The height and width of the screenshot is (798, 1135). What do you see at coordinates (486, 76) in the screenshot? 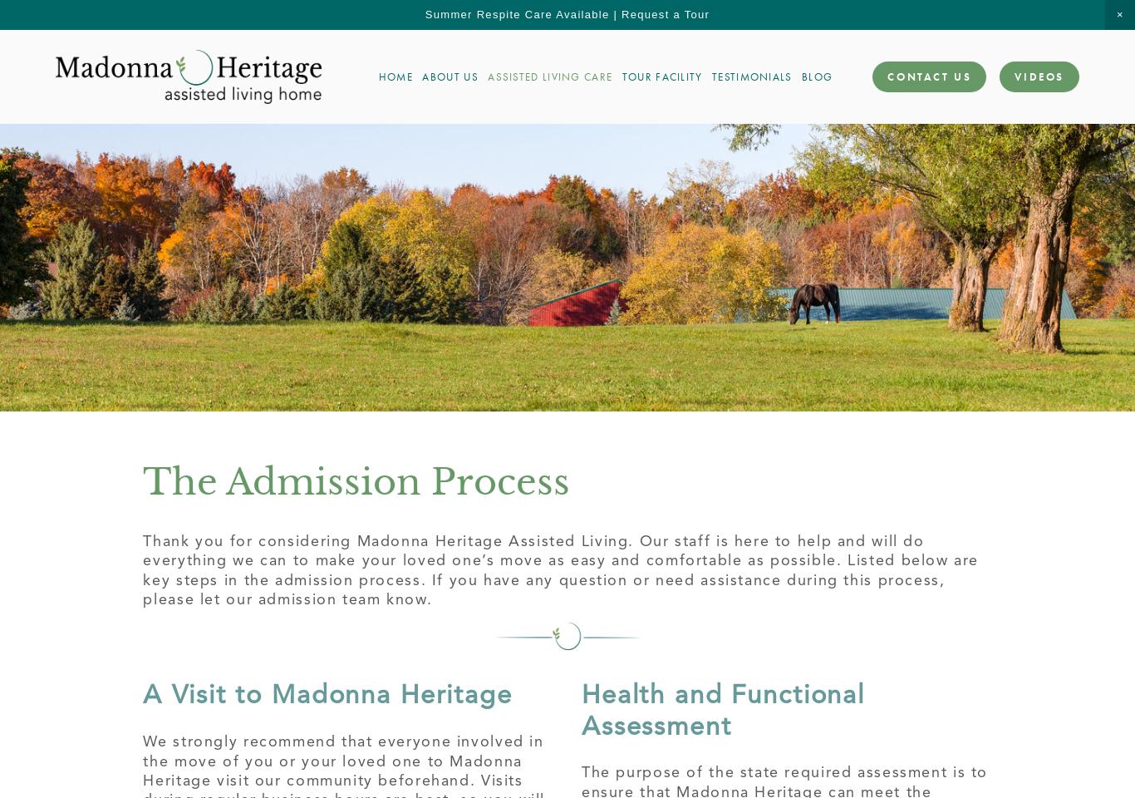
I see `'Assisted Living Care'` at bounding box center [486, 76].